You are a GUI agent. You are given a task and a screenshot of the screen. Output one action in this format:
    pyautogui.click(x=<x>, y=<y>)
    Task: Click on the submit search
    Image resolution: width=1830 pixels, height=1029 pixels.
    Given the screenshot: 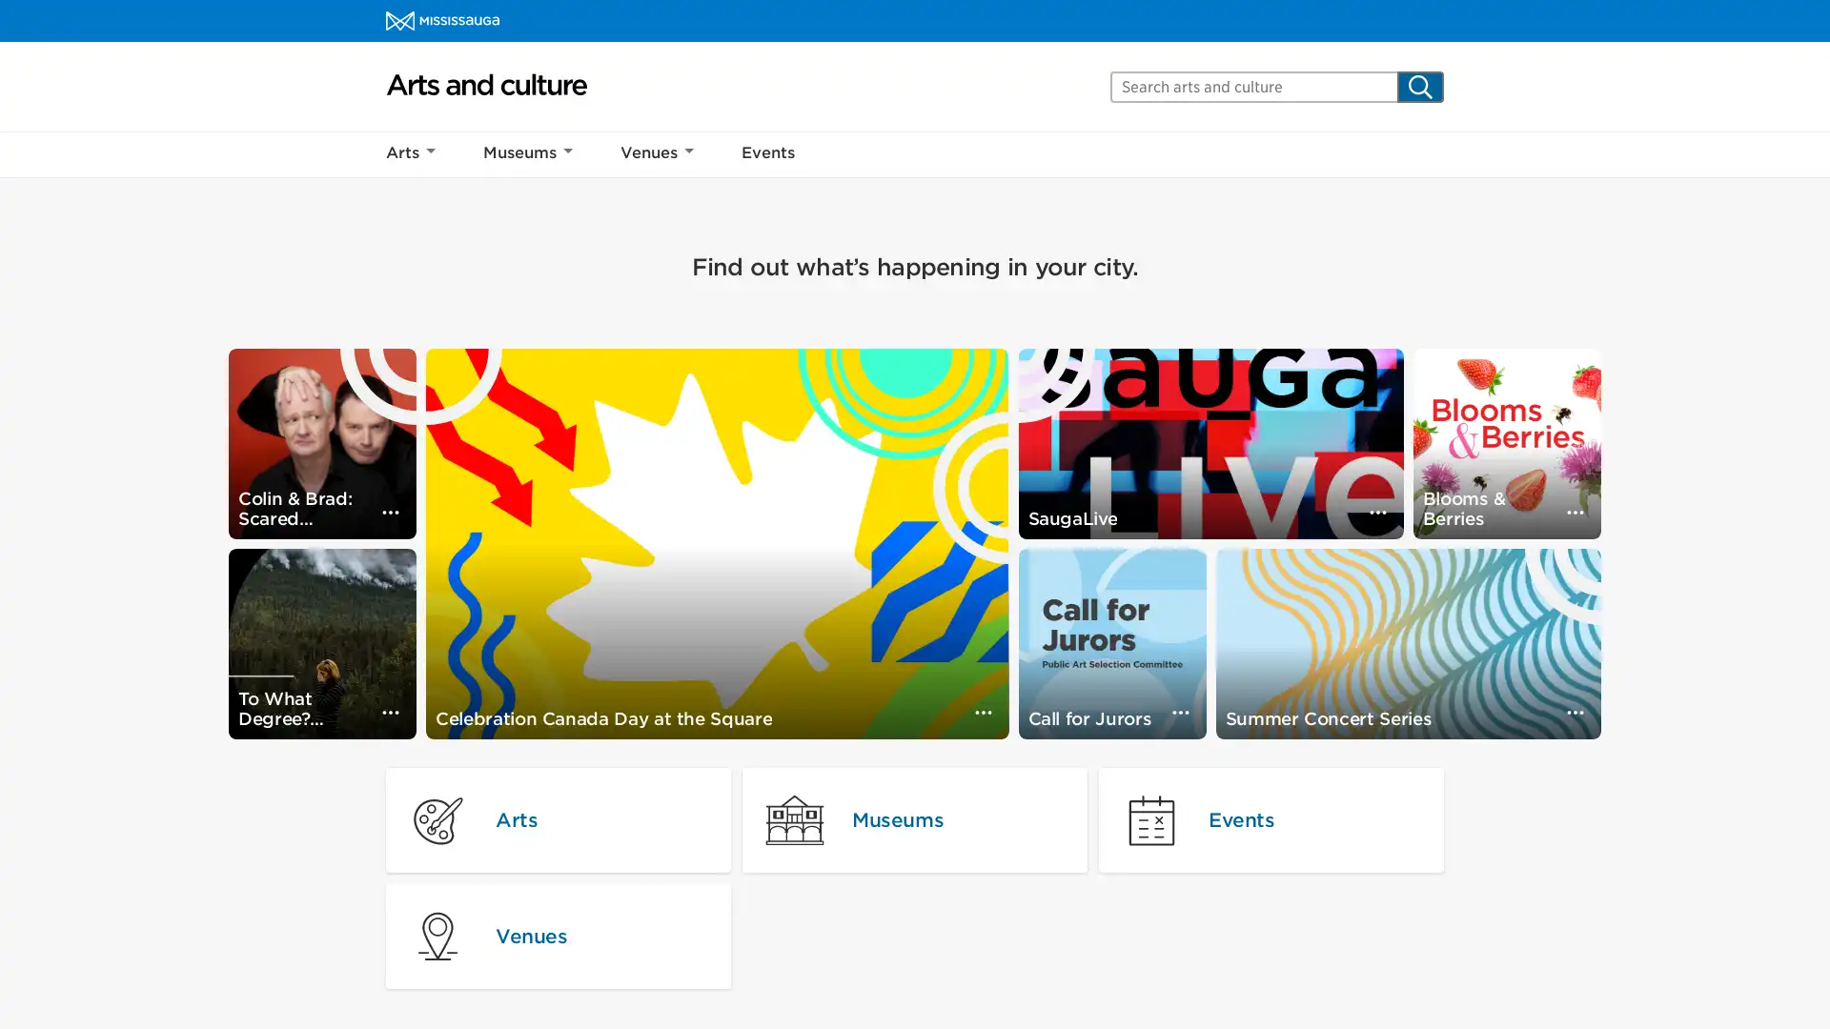 What is the action you would take?
    pyautogui.click(x=1420, y=86)
    